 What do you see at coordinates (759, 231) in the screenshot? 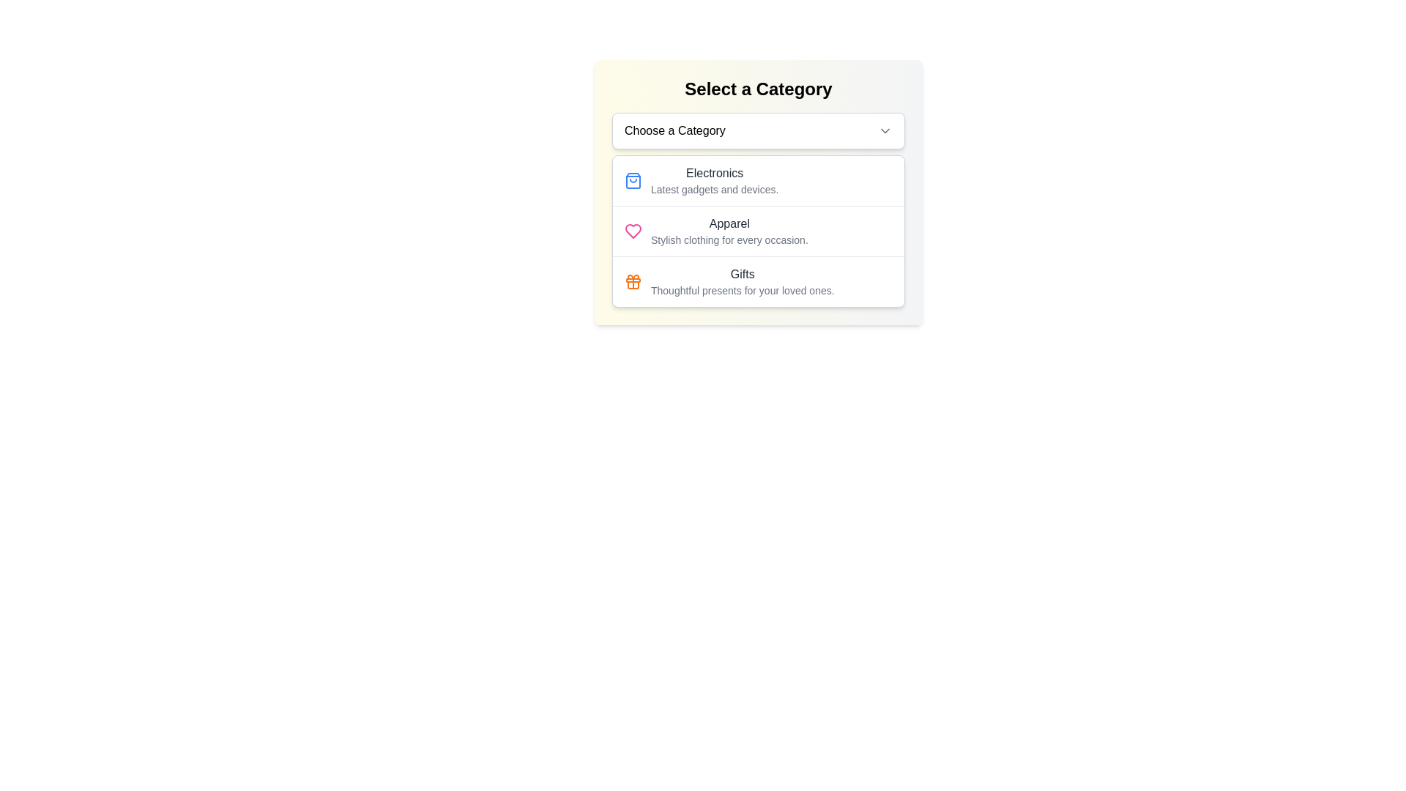
I see `the second list item labeled 'Apparel' located below the 'Select a Category' heading` at bounding box center [759, 231].